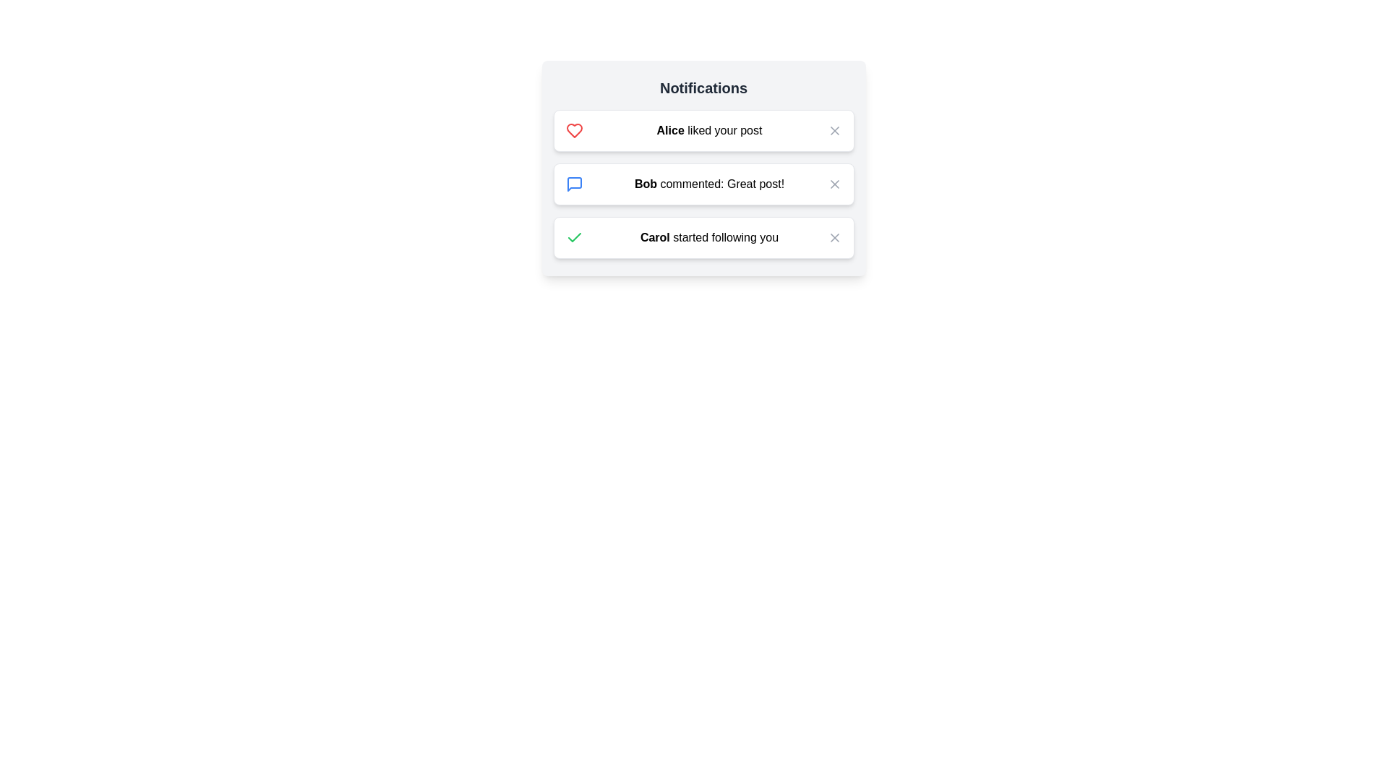  I want to click on red heart-shaped icon located next to the text 'Alice liked your post' within the notification card, so click(573, 131).